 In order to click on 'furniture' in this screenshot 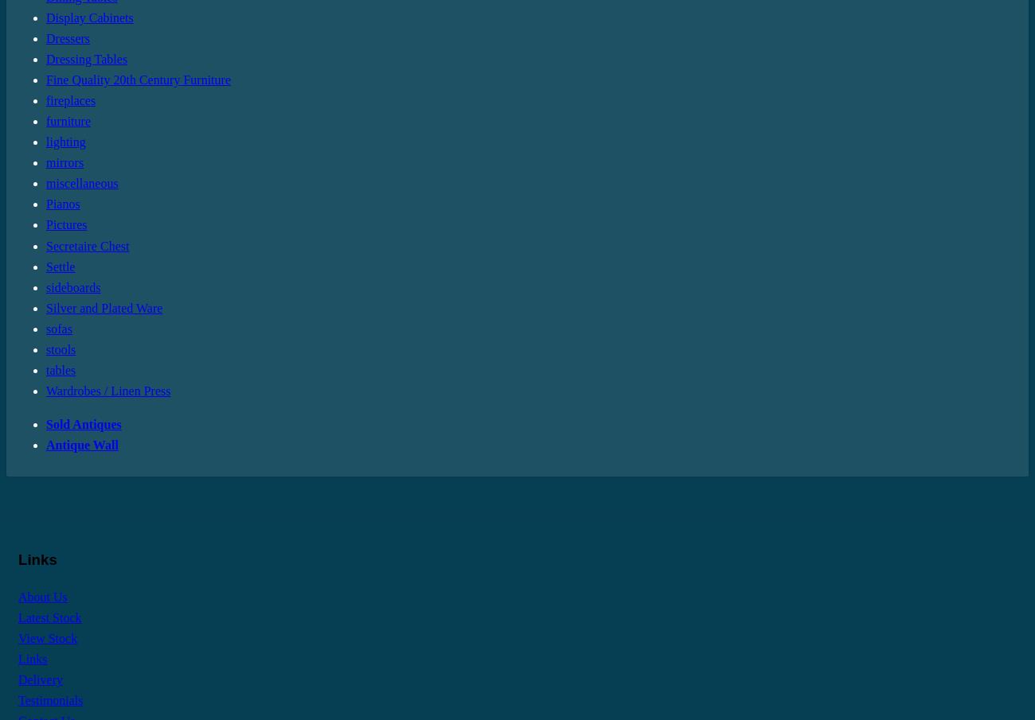, I will do `click(68, 121)`.